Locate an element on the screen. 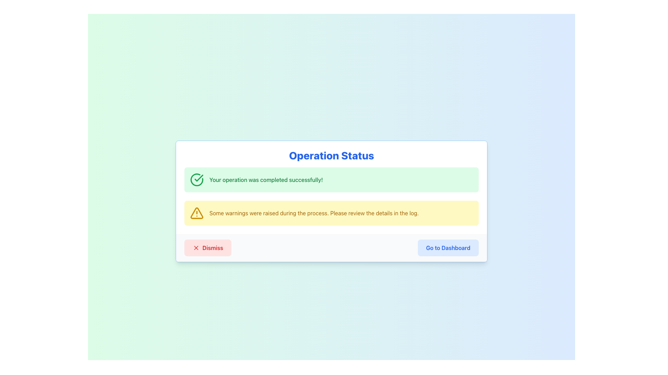  message content displayed in the text component that says 'Your operation was completed successfully!' within the green success message box is located at coordinates (265, 179).